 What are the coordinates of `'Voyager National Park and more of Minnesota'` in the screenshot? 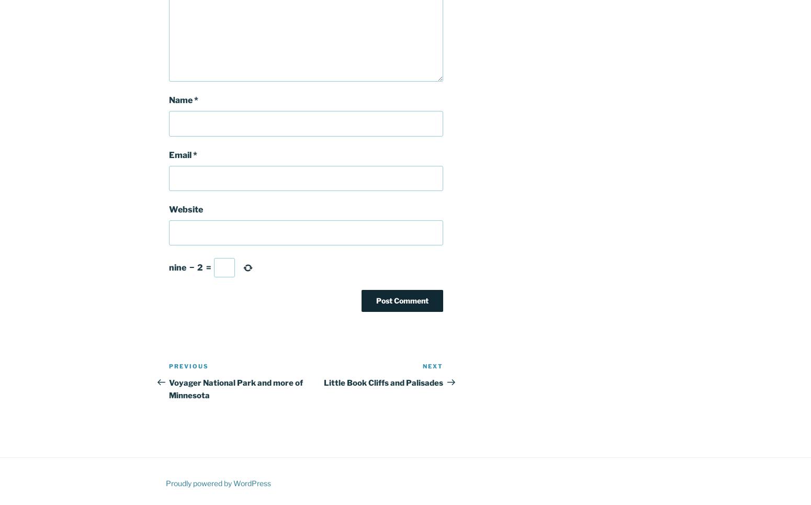 It's located at (168, 388).